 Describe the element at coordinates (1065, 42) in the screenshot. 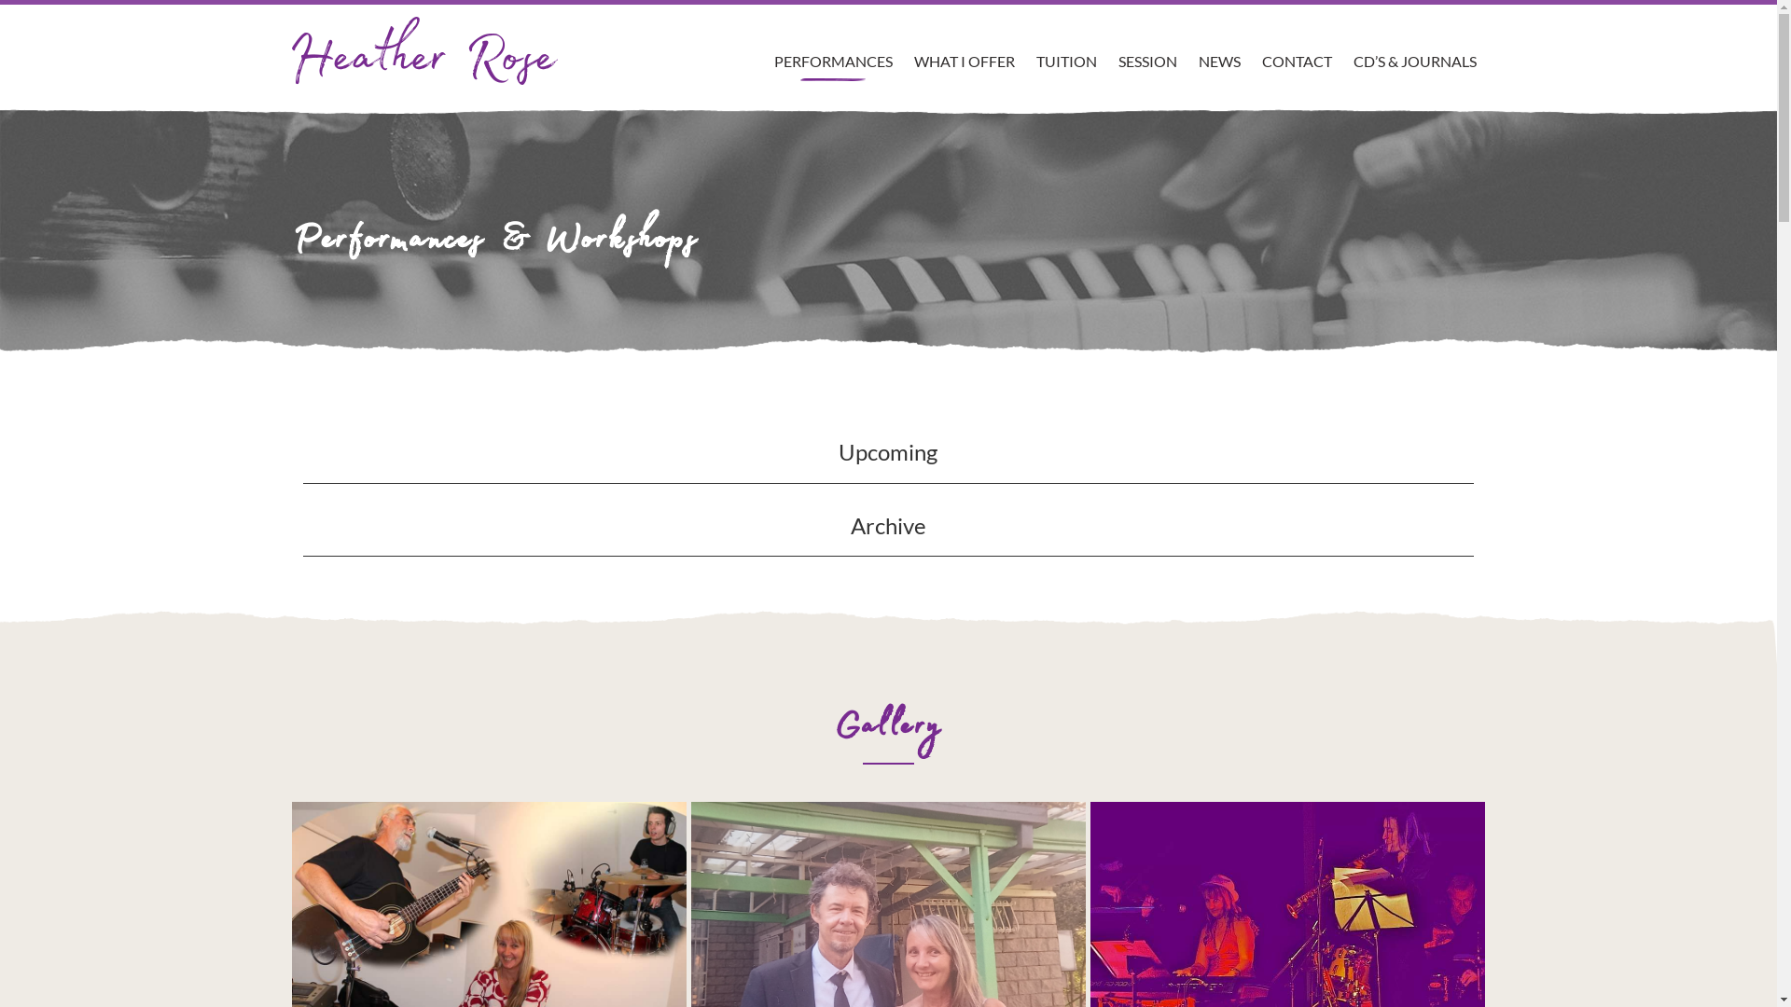

I see `'TUITION'` at that location.